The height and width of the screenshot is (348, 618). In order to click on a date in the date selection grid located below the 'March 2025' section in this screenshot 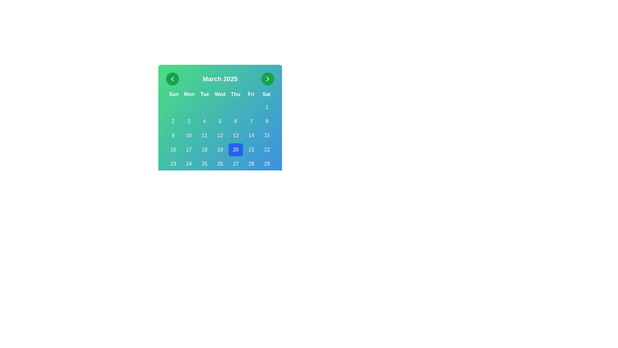, I will do `click(220, 142)`.